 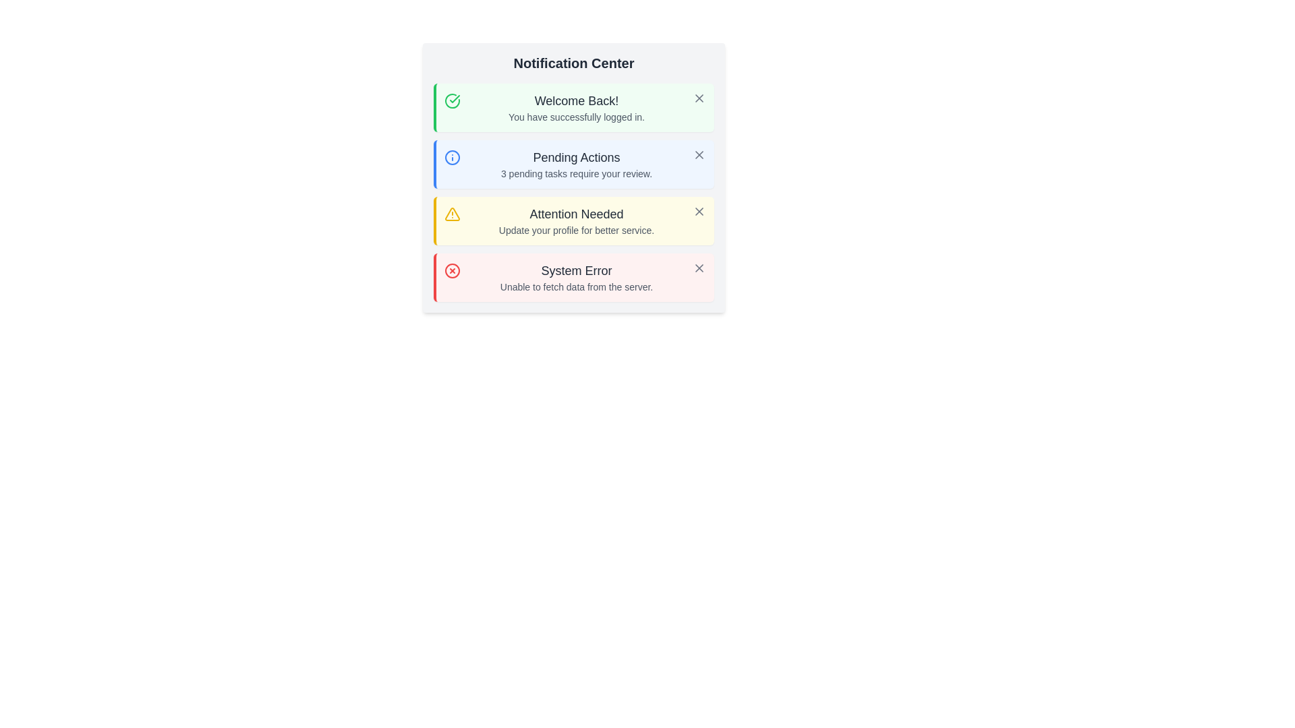 I want to click on text content of the notification message displayed below the 'Notification Center' header, which confirms the user's successful login, so click(x=576, y=107).